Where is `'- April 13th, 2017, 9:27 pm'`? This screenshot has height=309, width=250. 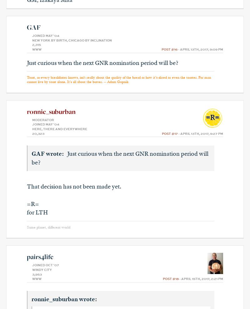 '- April 13th, 2017, 9:27 pm' is located at coordinates (200, 133).